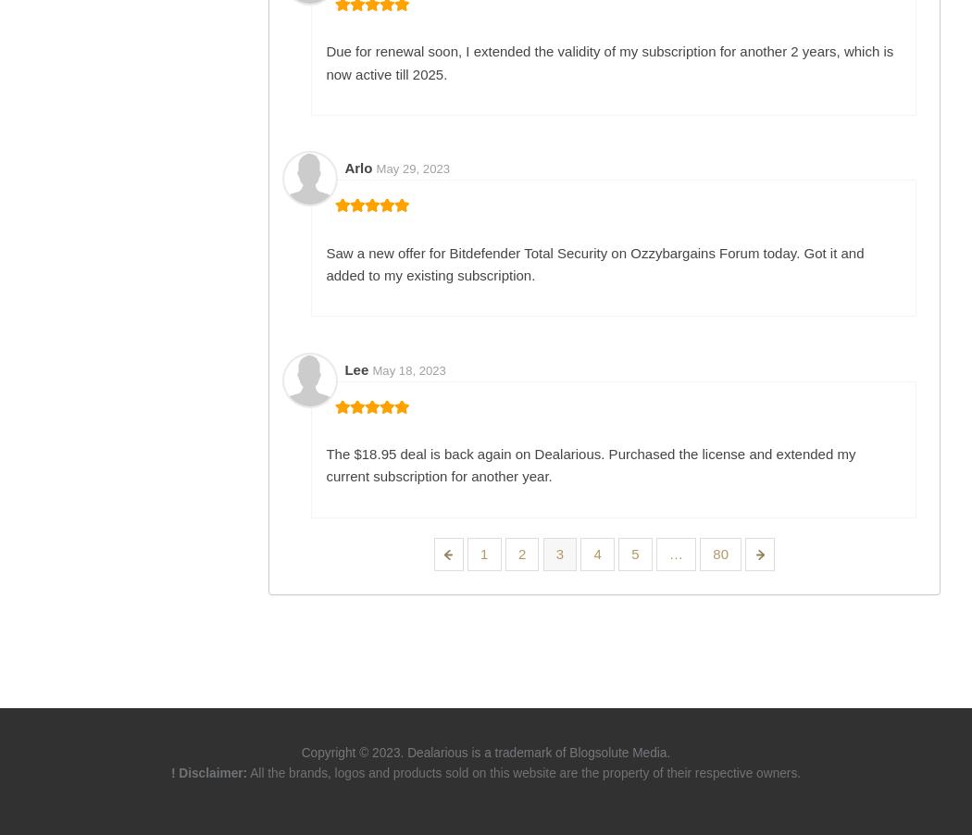 This screenshot has width=972, height=835. Describe the element at coordinates (720, 554) in the screenshot. I see `'80'` at that location.